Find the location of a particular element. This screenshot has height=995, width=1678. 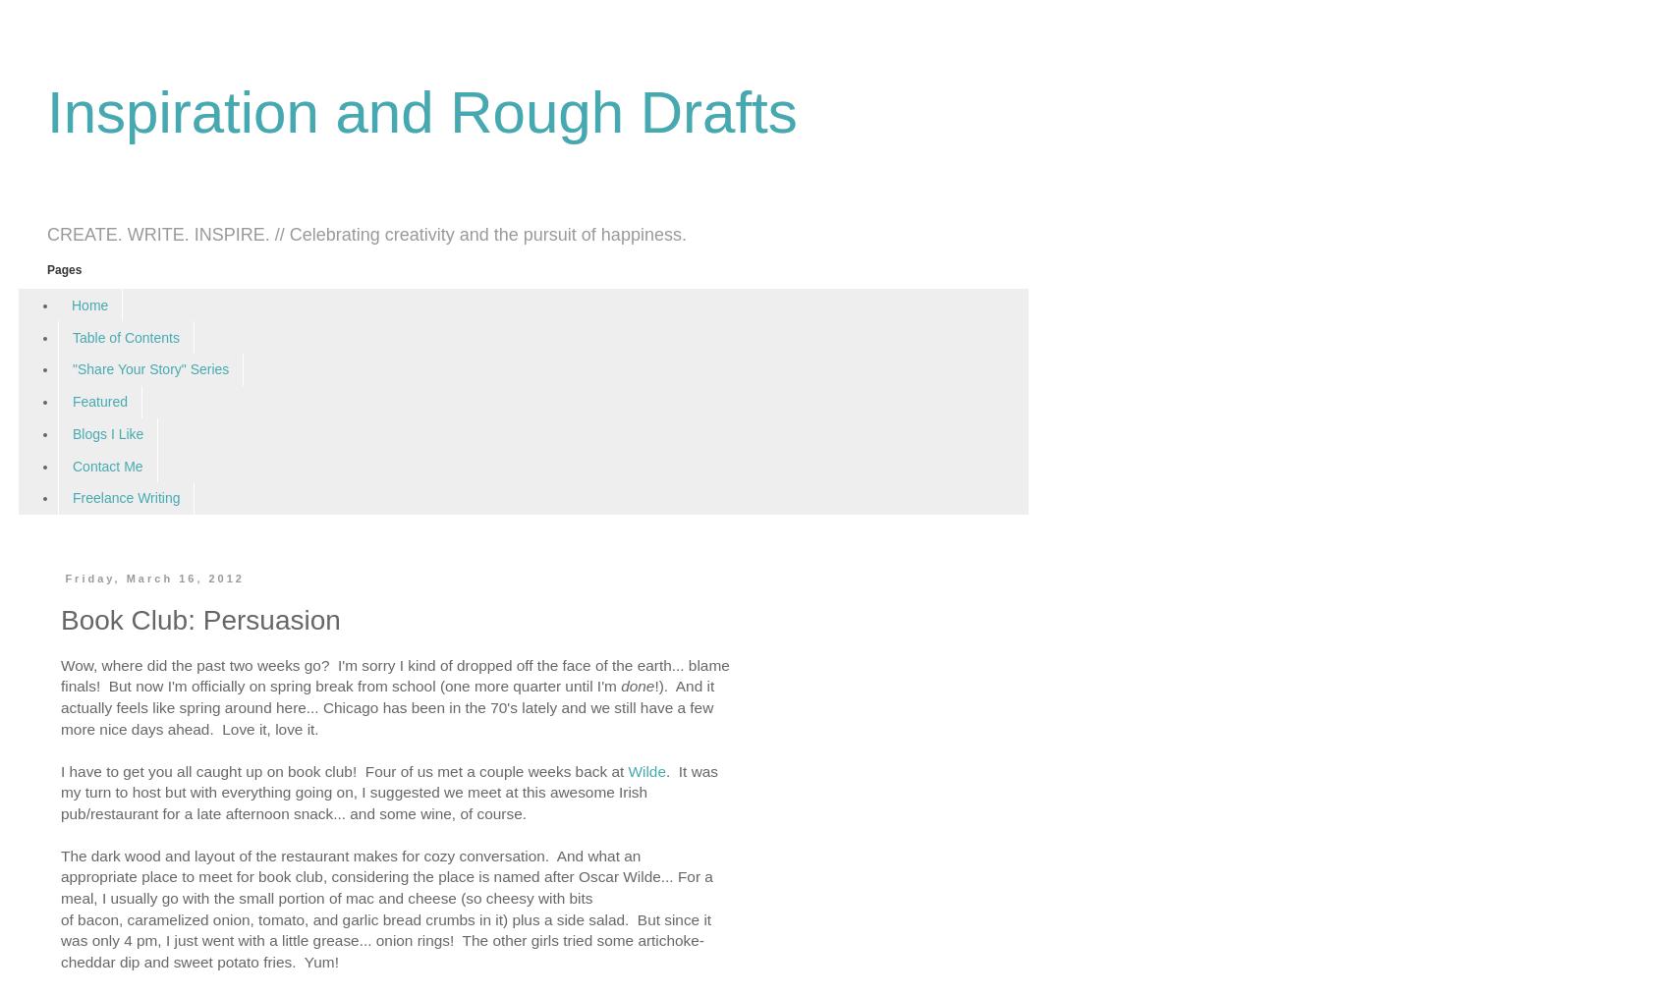

'Home' is located at coordinates (89, 304).